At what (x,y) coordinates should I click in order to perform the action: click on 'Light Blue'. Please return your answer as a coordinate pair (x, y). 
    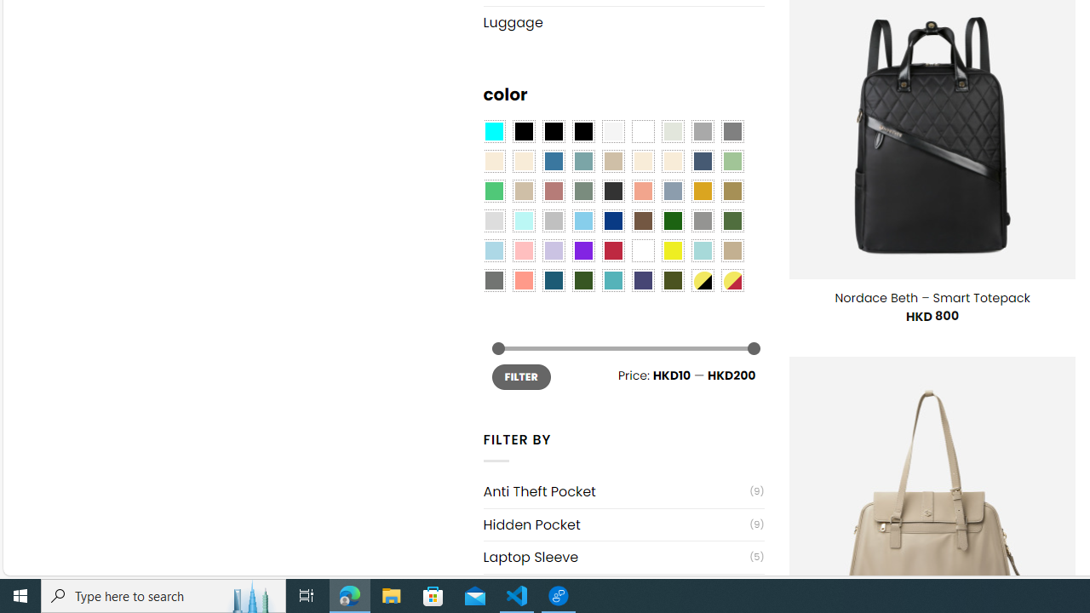
    Looking at the image, I should click on (492, 251).